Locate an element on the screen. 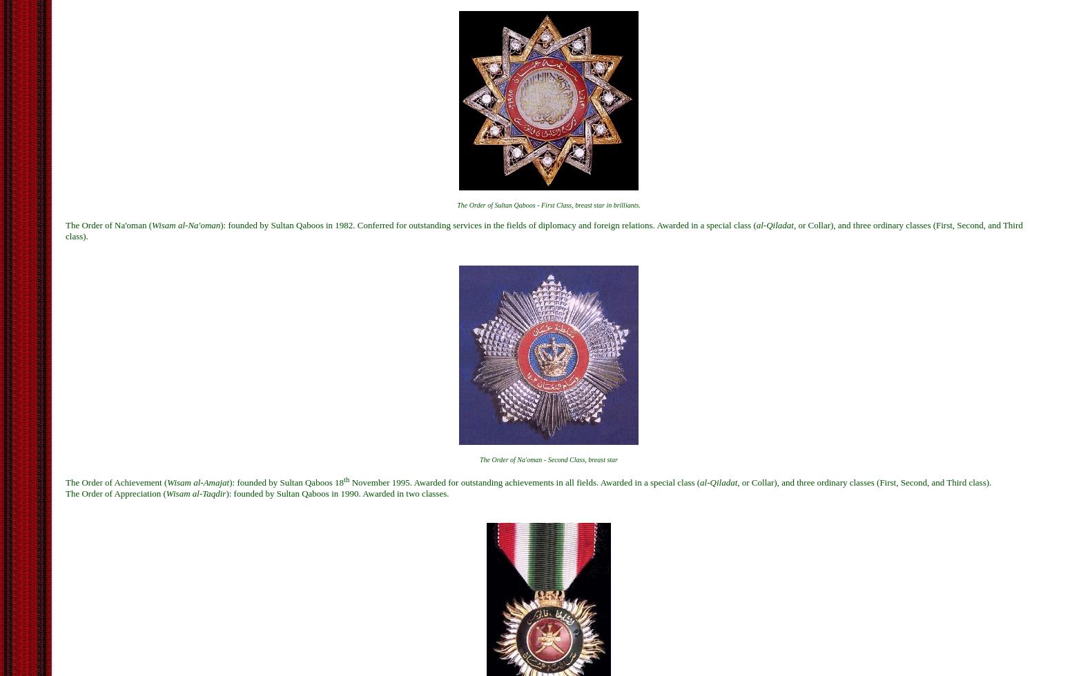 The image size is (1070, 676). '.' is located at coordinates (639, 205).